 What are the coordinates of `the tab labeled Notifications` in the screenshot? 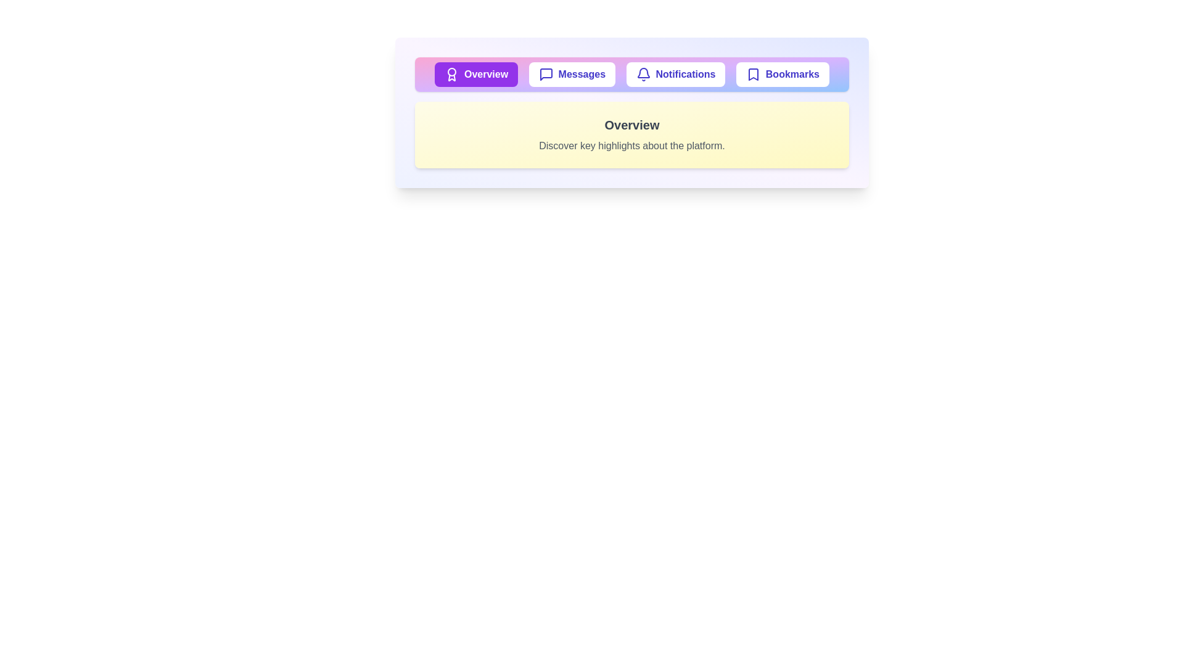 It's located at (675, 74).